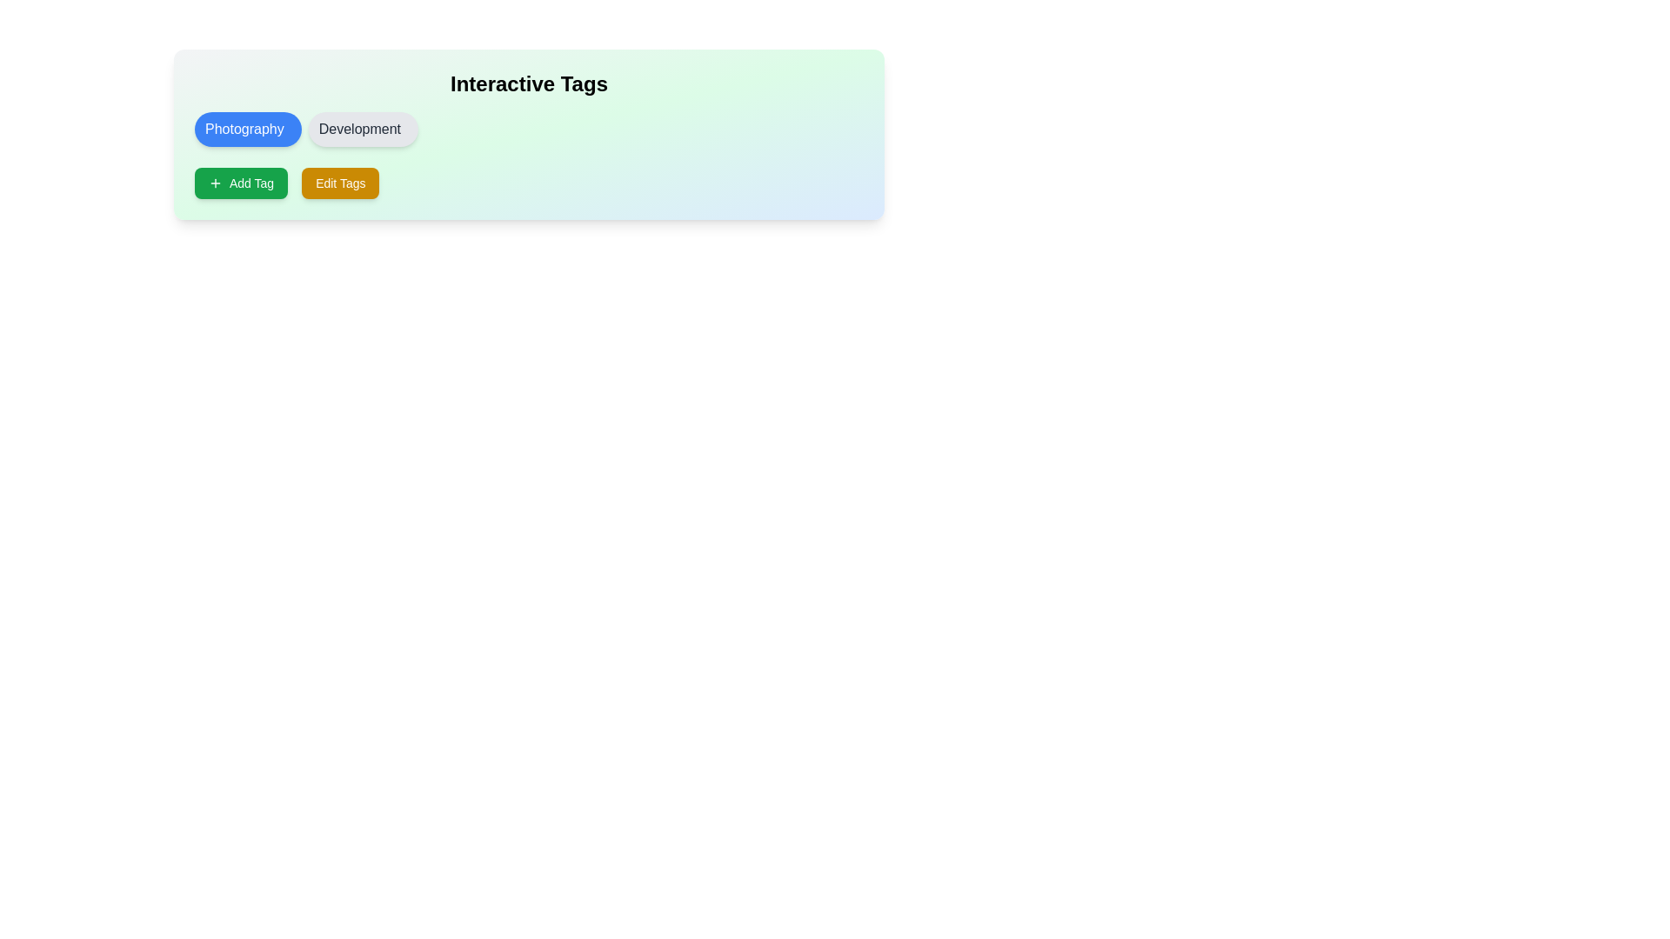 The width and height of the screenshot is (1670, 939). I want to click on the medium-sized rectangular button with rounded corners, styled with a yellow background and white bold text reading 'Edit Tags', located immediately to the right of the green button labeled 'Add Tag', so click(340, 183).